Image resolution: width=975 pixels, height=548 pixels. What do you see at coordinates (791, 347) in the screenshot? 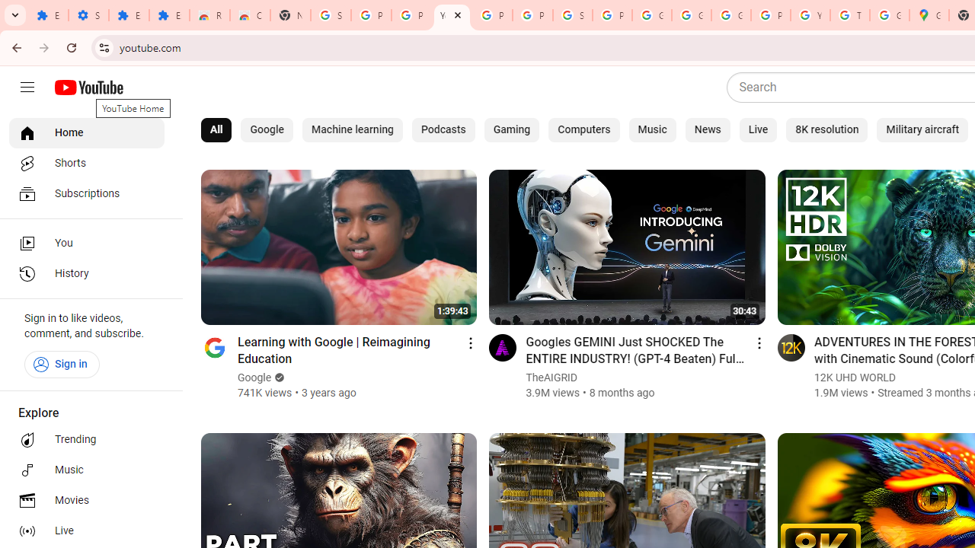
I see `'Go to channel'` at bounding box center [791, 347].